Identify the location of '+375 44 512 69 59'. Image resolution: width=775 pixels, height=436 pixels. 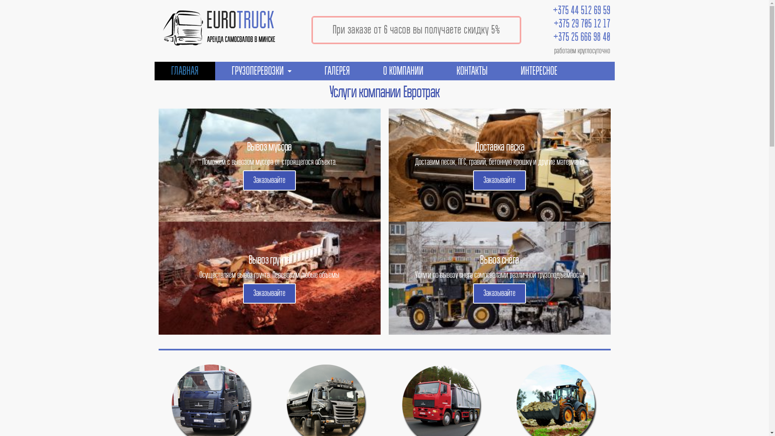
(581, 10).